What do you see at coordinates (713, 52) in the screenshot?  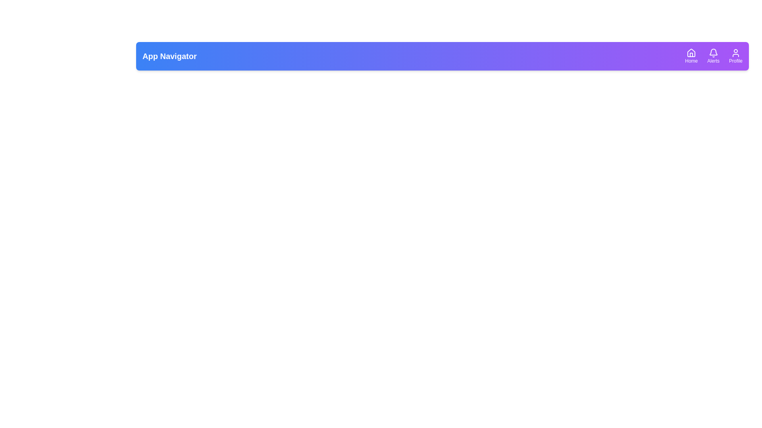 I see `the decorative part of the bell-shaped icon located in the top navigation bar to trigger a tooltip or visual feedback` at bounding box center [713, 52].